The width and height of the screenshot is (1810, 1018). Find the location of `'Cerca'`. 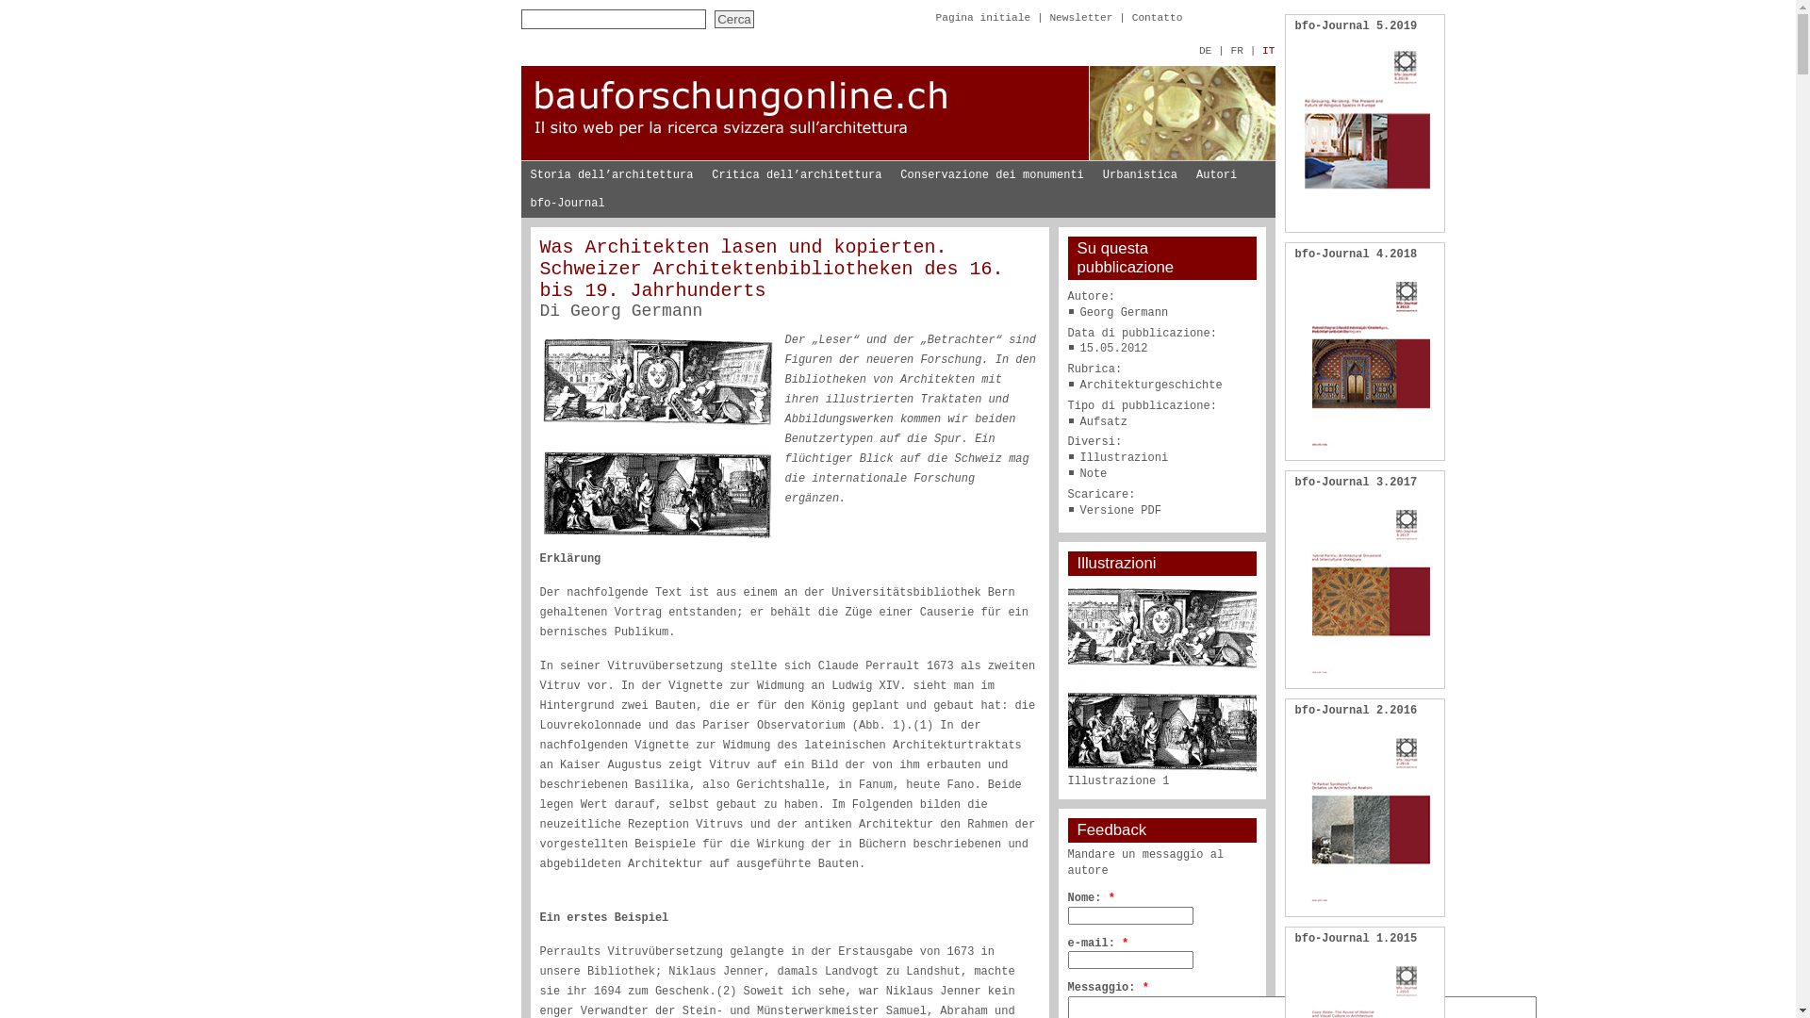

'Cerca' is located at coordinates (732, 19).